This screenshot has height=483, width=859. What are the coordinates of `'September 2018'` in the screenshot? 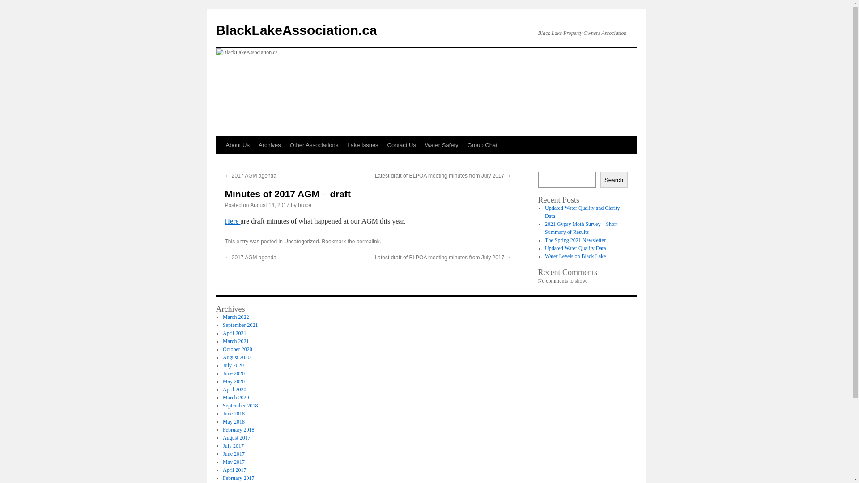 It's located at (240, 405).